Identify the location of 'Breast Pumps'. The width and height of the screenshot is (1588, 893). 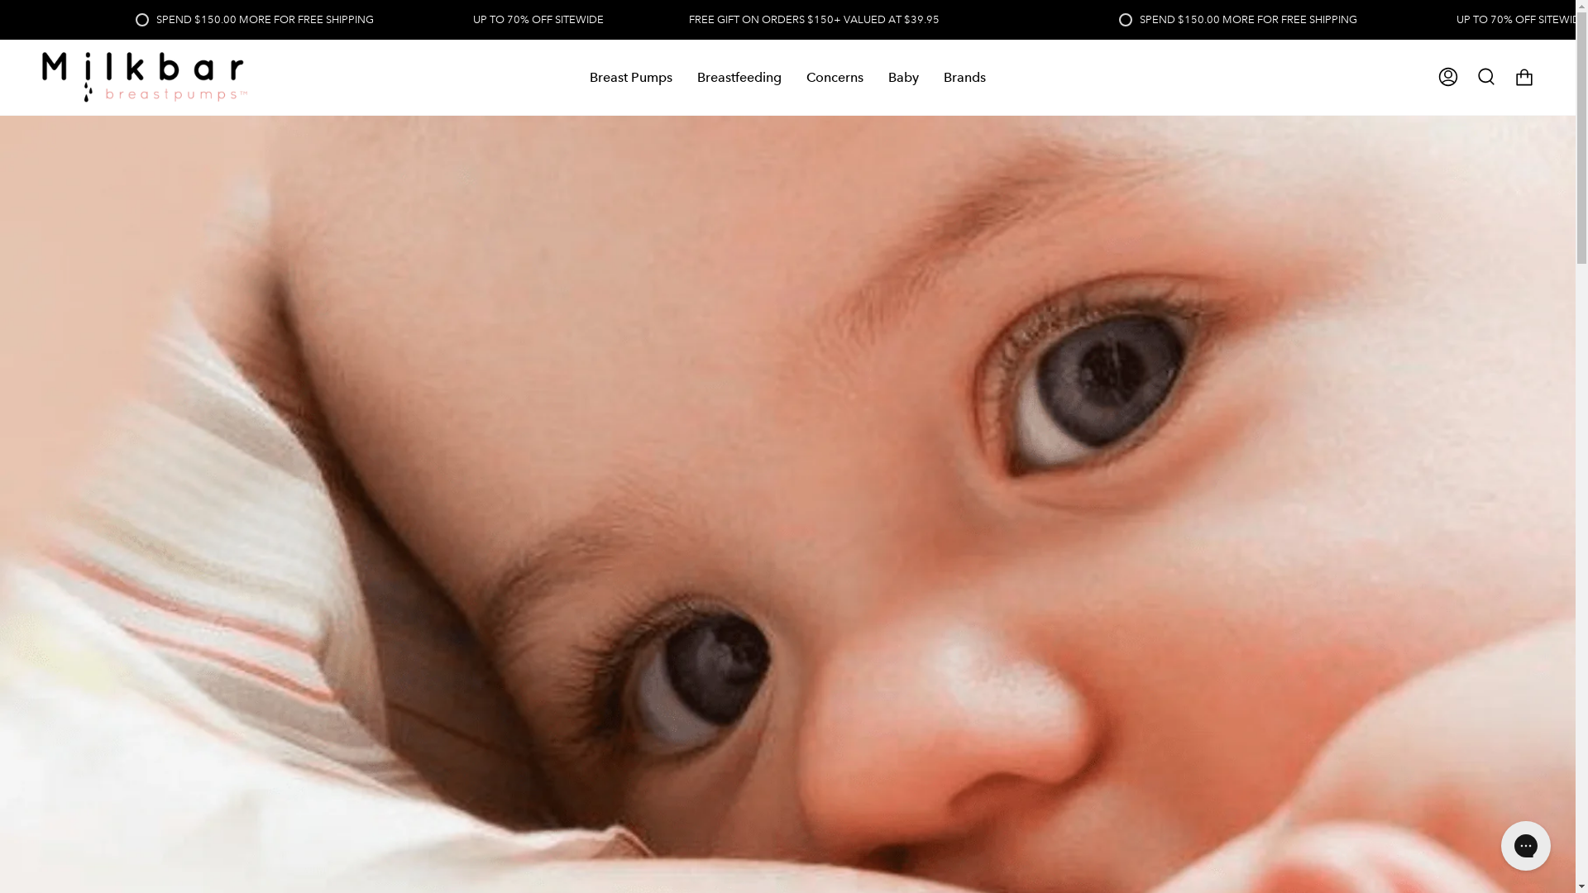
(630, 77).